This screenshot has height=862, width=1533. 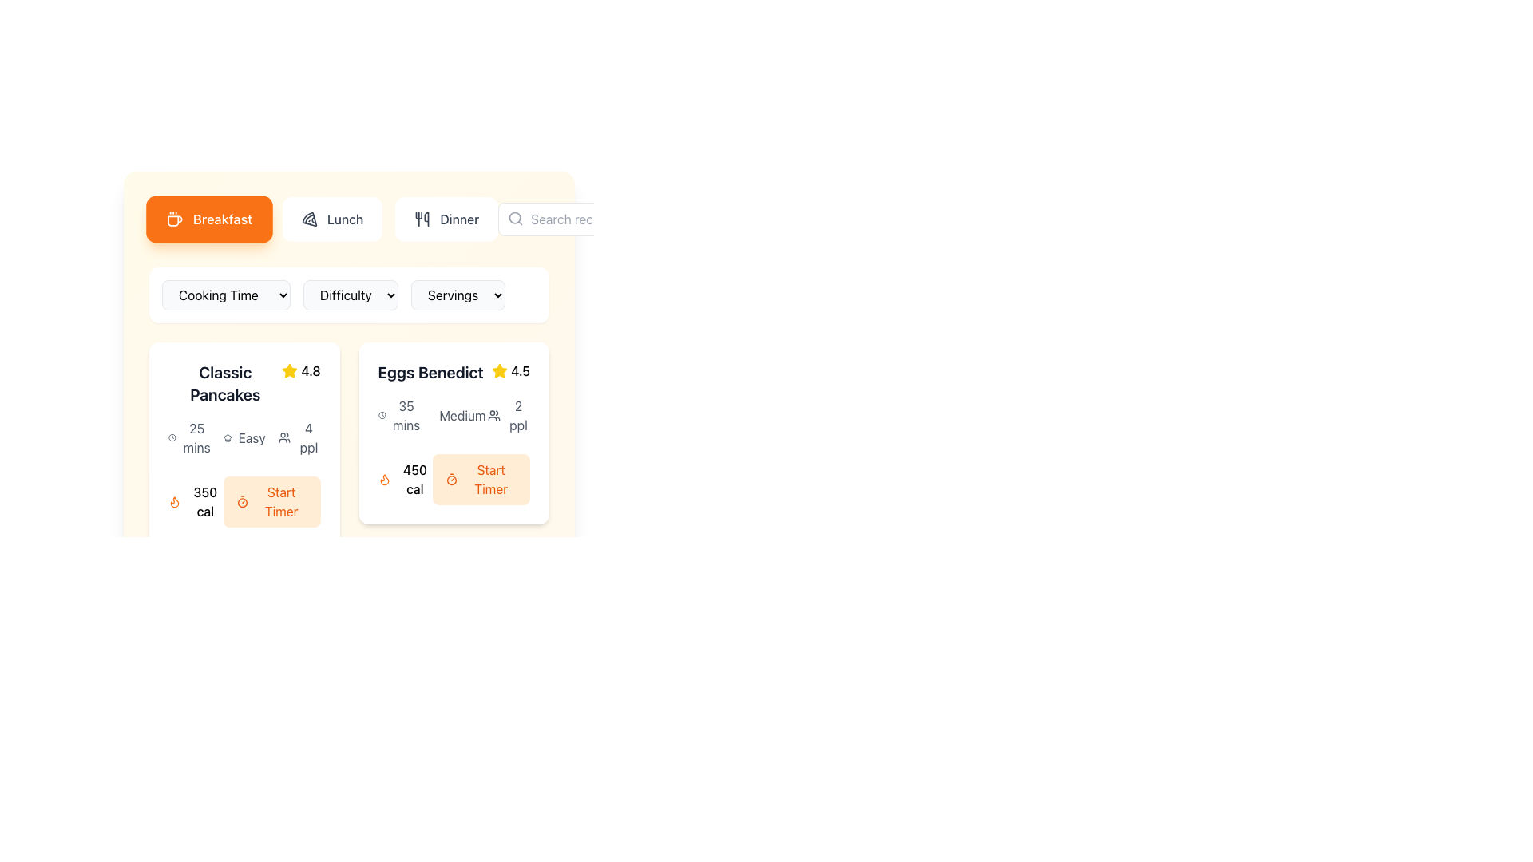 I want to click on the rectangular orange button labeled 'Breakfast' with a coffee cup icon, so click(x=208, y=219).